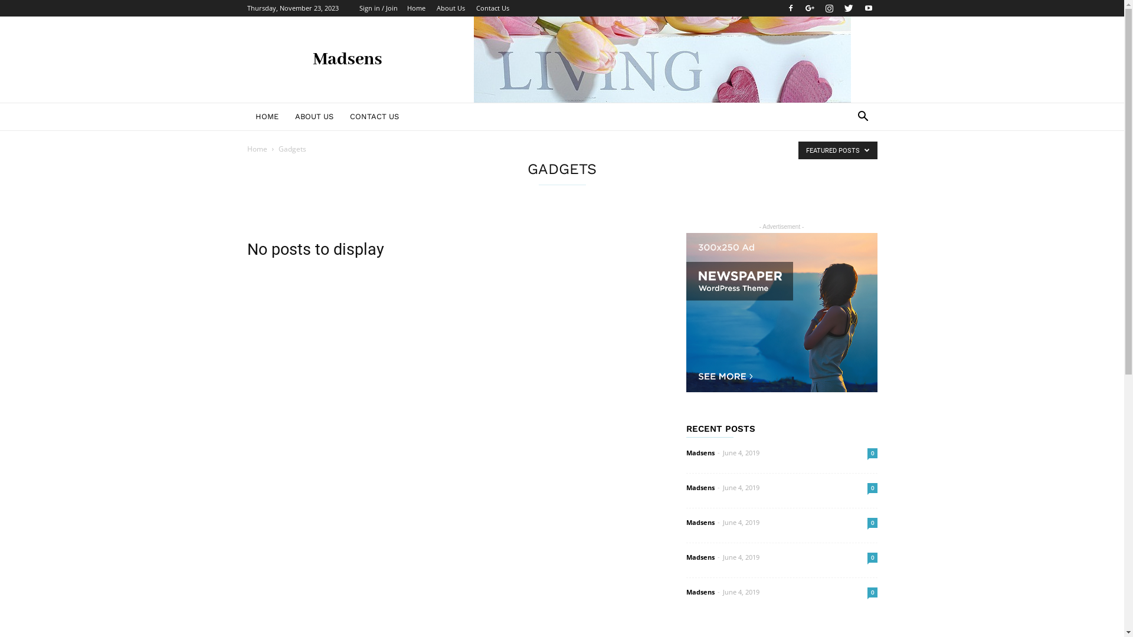 The height and width of the screenshot is (637, 1133). What do you see at coordinates (416, 8) in the screenshot?
I see `'Home'` at bounding box center [416, 8].